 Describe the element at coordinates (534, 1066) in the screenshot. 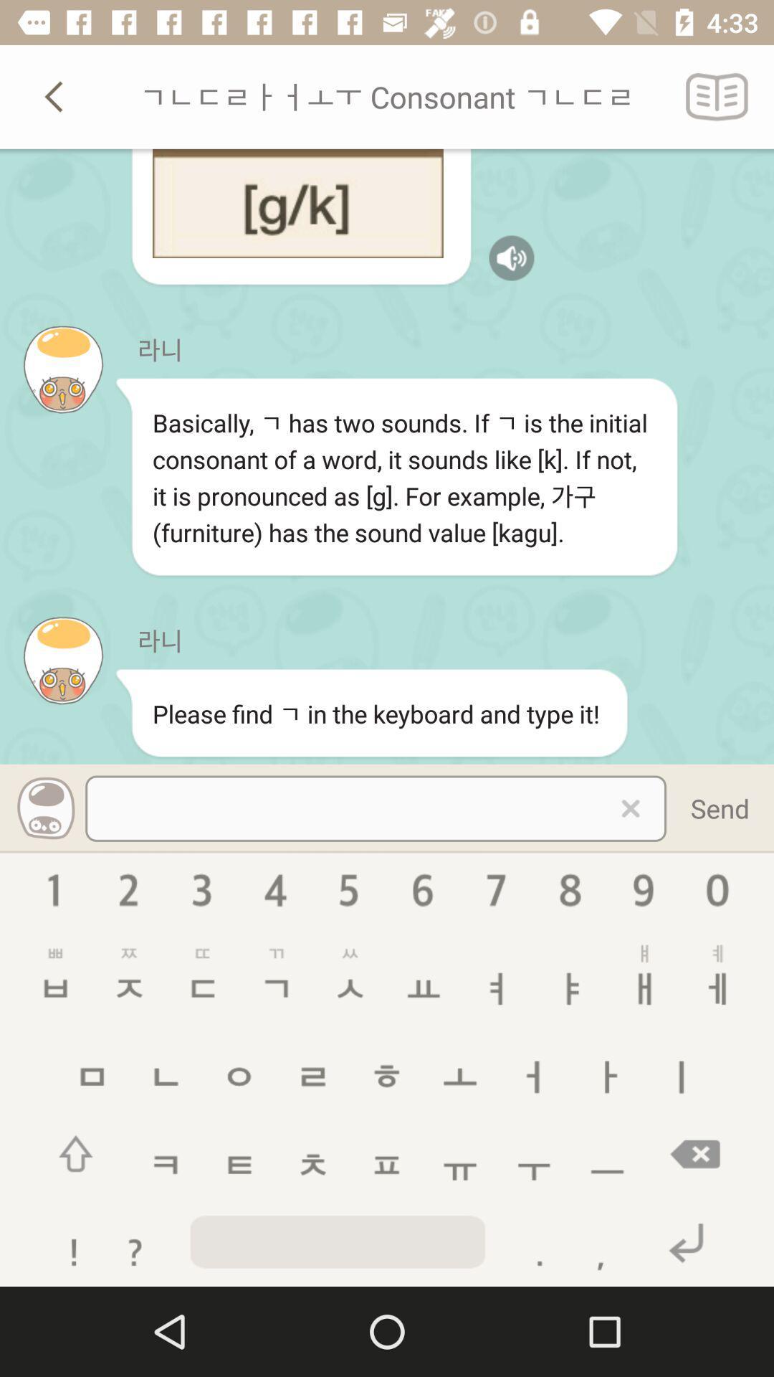

I see `the add icon` at that location.